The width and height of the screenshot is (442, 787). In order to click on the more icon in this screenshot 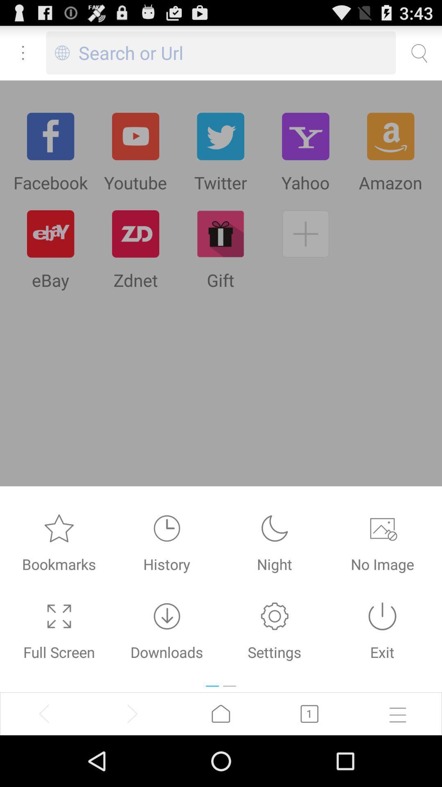, I will do `click(23, 56)`.